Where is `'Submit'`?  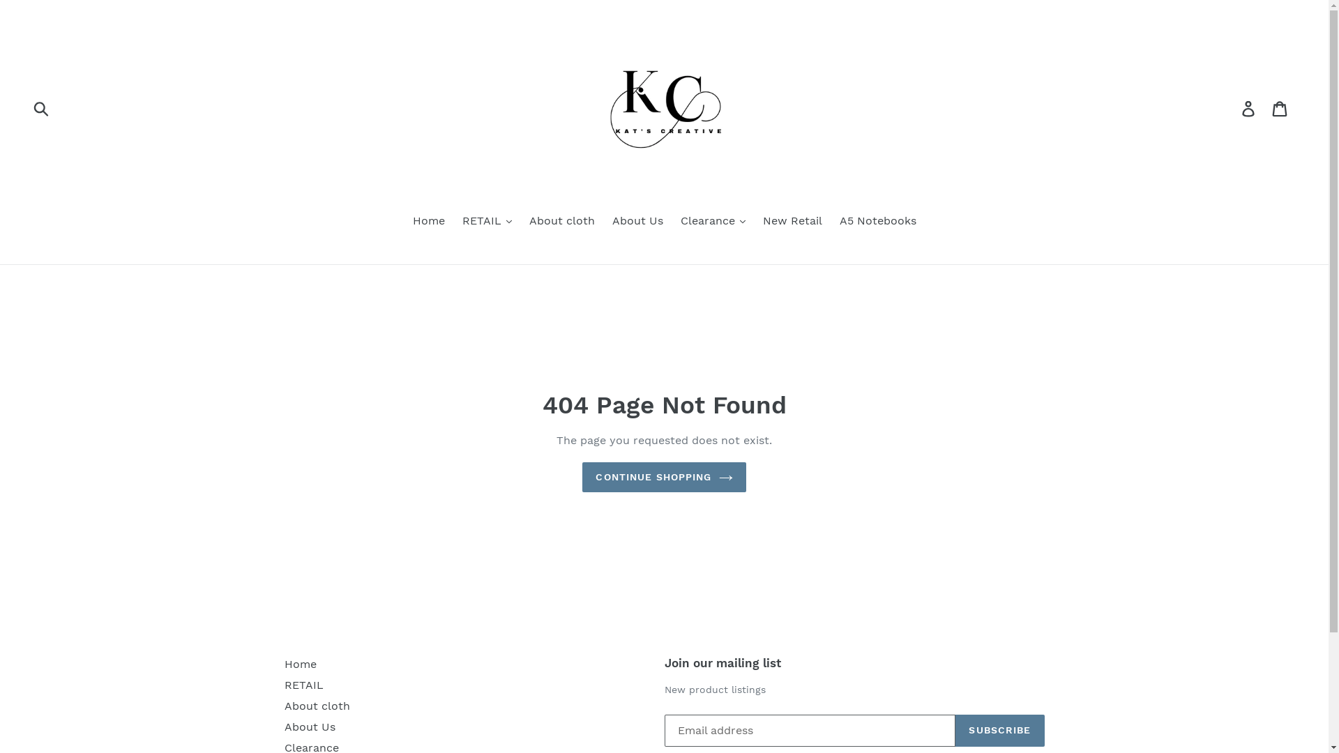 'Submit' is located at coordinates (24, 107).